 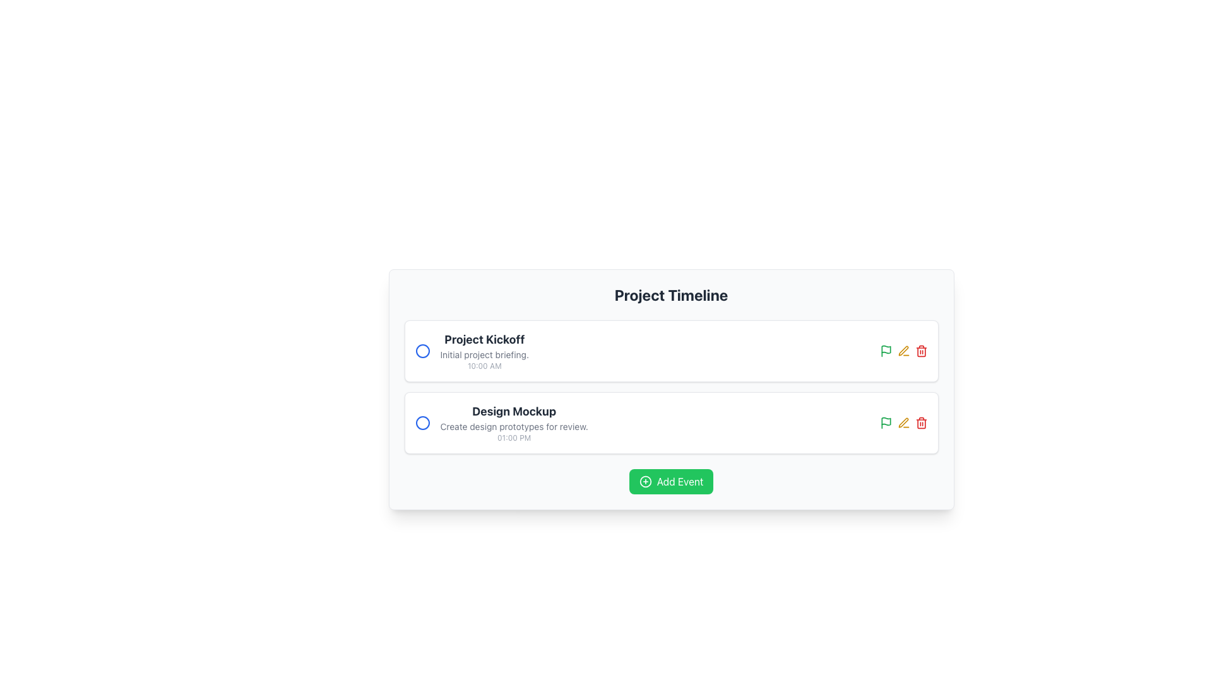 What do you see at coordinates (501, 423) in the screenshot?
I see `the composite text element displaying 'Design Mockup'` at bounding box center [501, 423].